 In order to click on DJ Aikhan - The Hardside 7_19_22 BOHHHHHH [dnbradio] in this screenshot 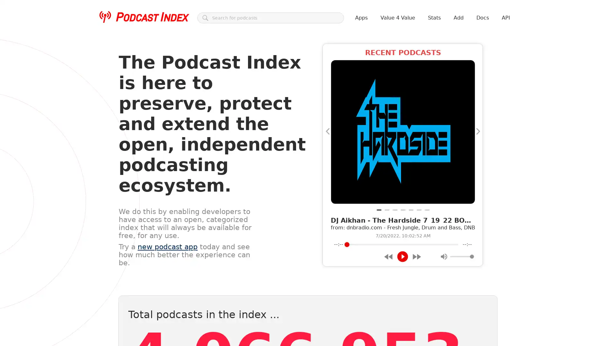, I will do `click(379, 210)`.